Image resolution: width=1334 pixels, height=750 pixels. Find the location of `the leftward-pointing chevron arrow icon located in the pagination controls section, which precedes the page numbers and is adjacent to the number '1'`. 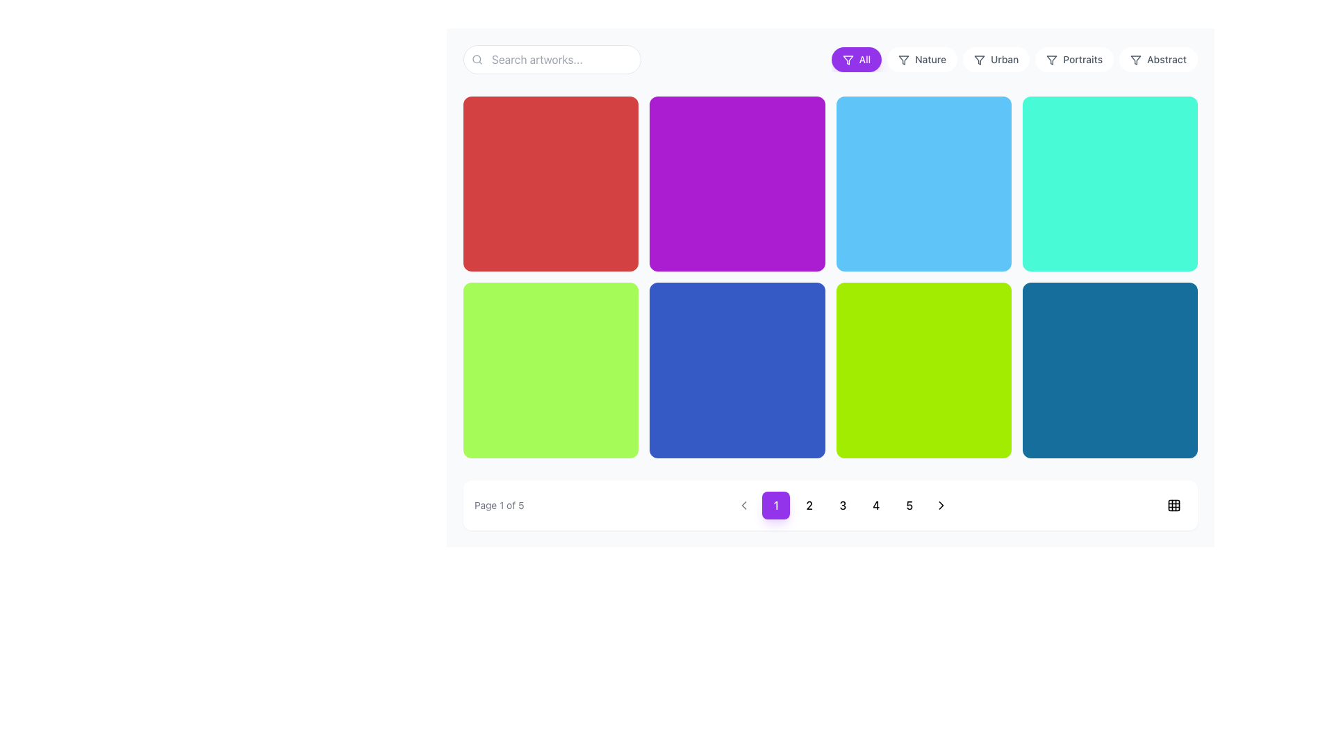

the leftward-pointing chevron arrow icon located in the pagination controls section, which precedes the page numbers and is adjacent to the number '1' is located at coordinates (743, 505).